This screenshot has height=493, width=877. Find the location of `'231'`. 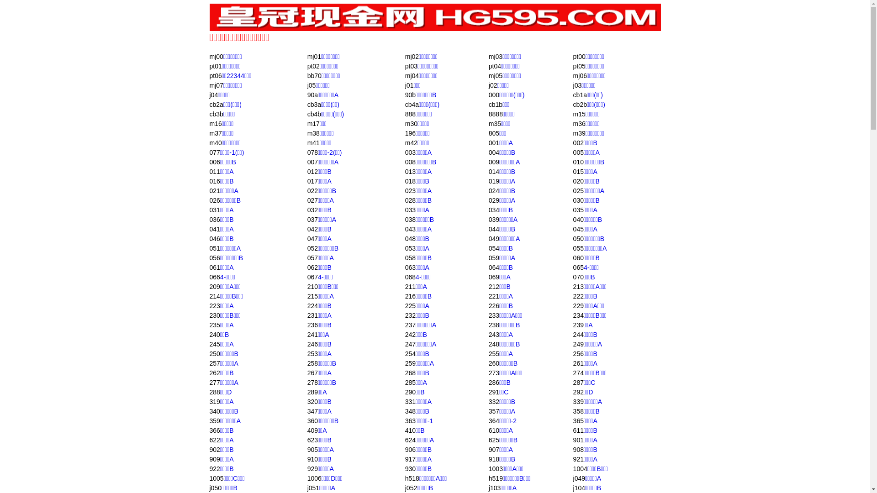

'231' is located at coordinates (312, 315).